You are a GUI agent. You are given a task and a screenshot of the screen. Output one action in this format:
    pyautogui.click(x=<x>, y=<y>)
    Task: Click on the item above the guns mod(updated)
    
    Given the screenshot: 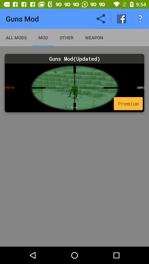 What is the action you would take?
    pyautogui.click(x=140, y=19)
    